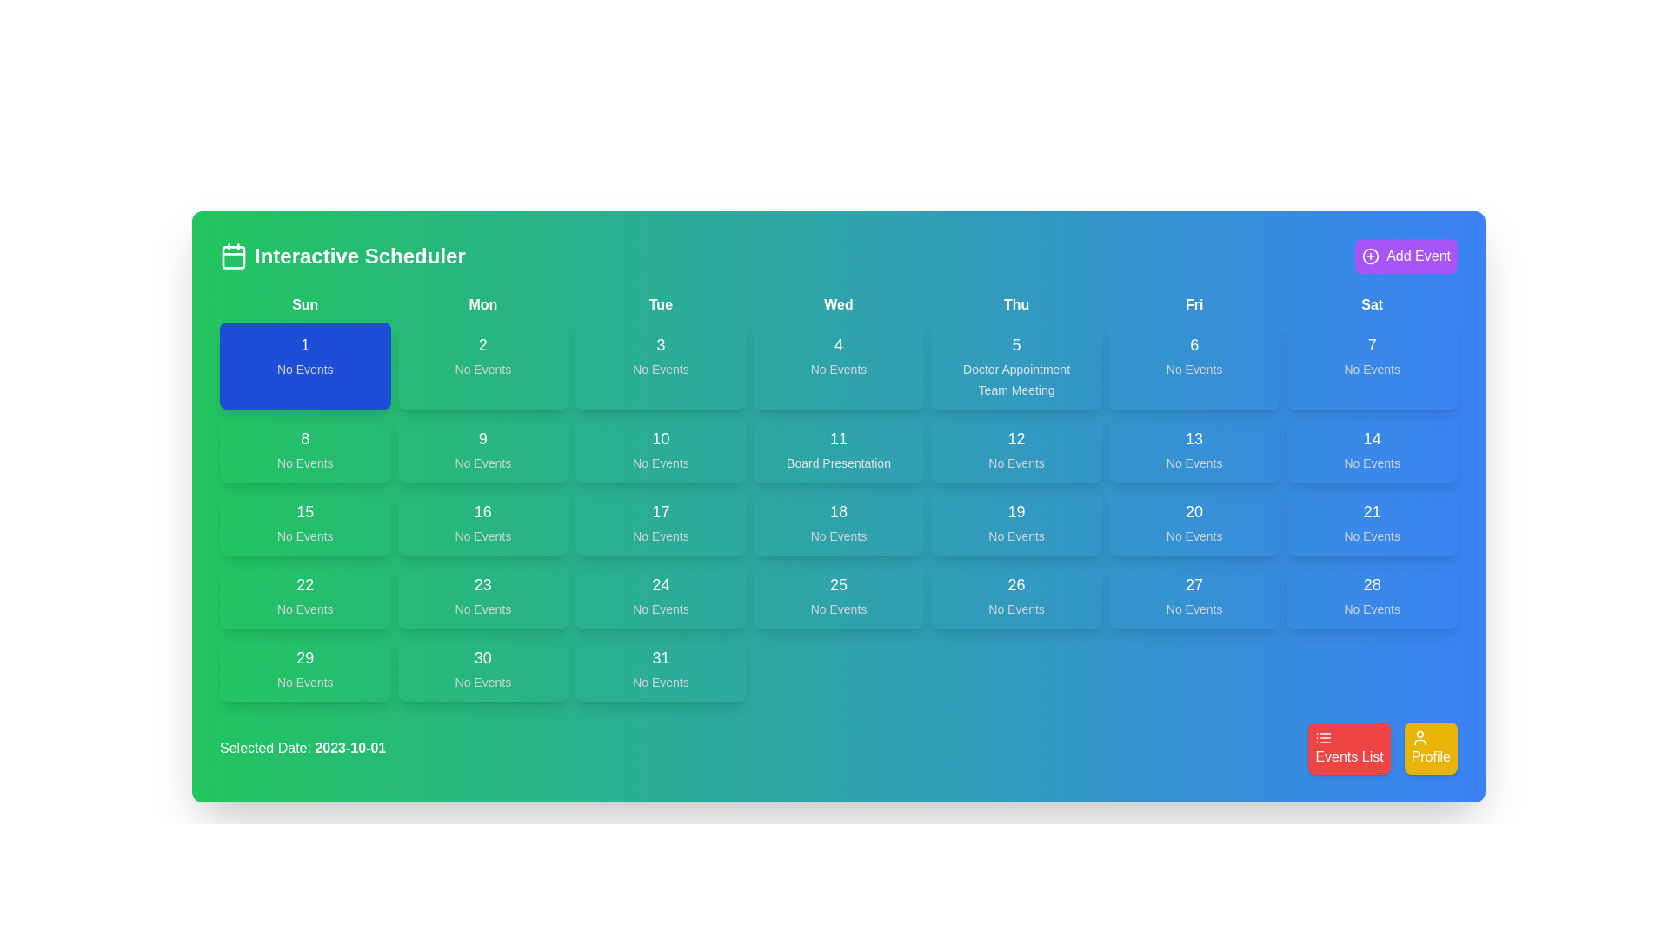 The height and width of the screenshot is (939, 1669). Describe the element at coordinates (1194, 462) in the screenshot. I see `the 'No Events' text label located in the box labeled '13' in the calendar grid, positioned under the 'Fri' header` at that location.